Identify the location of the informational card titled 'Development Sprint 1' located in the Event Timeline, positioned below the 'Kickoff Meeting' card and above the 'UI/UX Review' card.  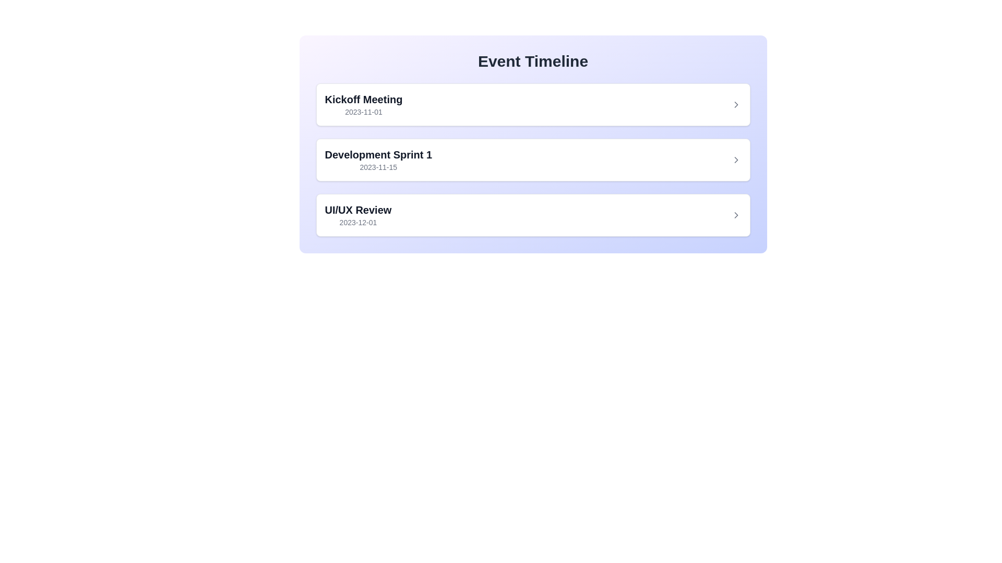
(533, 160).